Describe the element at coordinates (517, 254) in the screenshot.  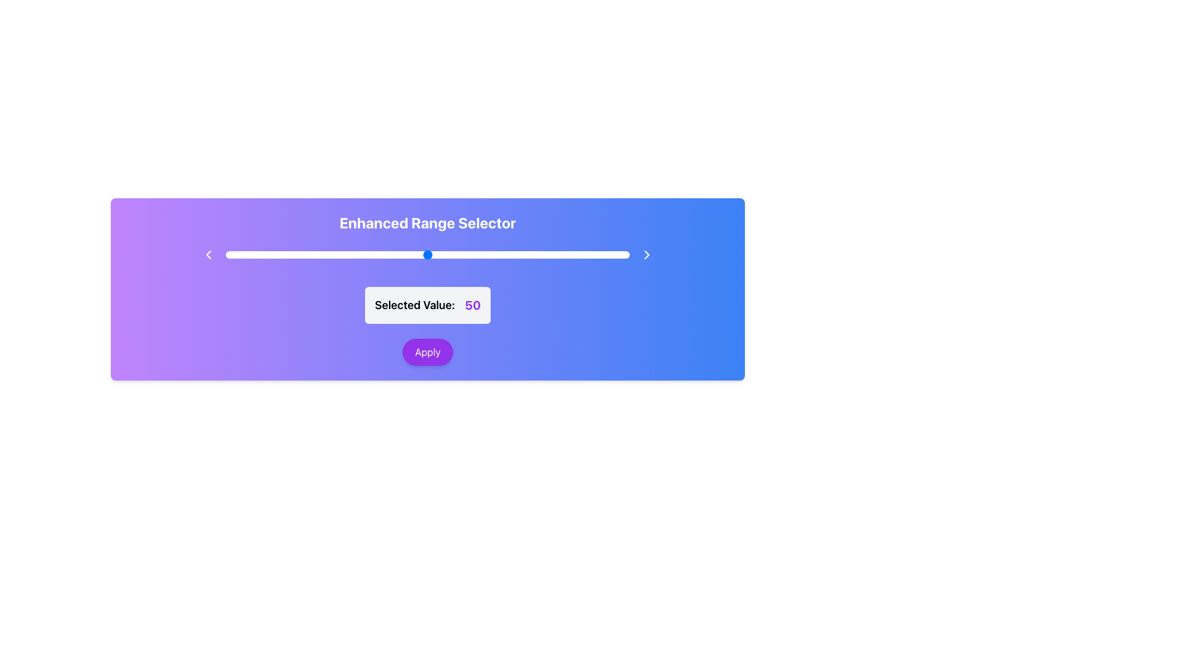
I see `the slider` at that location.